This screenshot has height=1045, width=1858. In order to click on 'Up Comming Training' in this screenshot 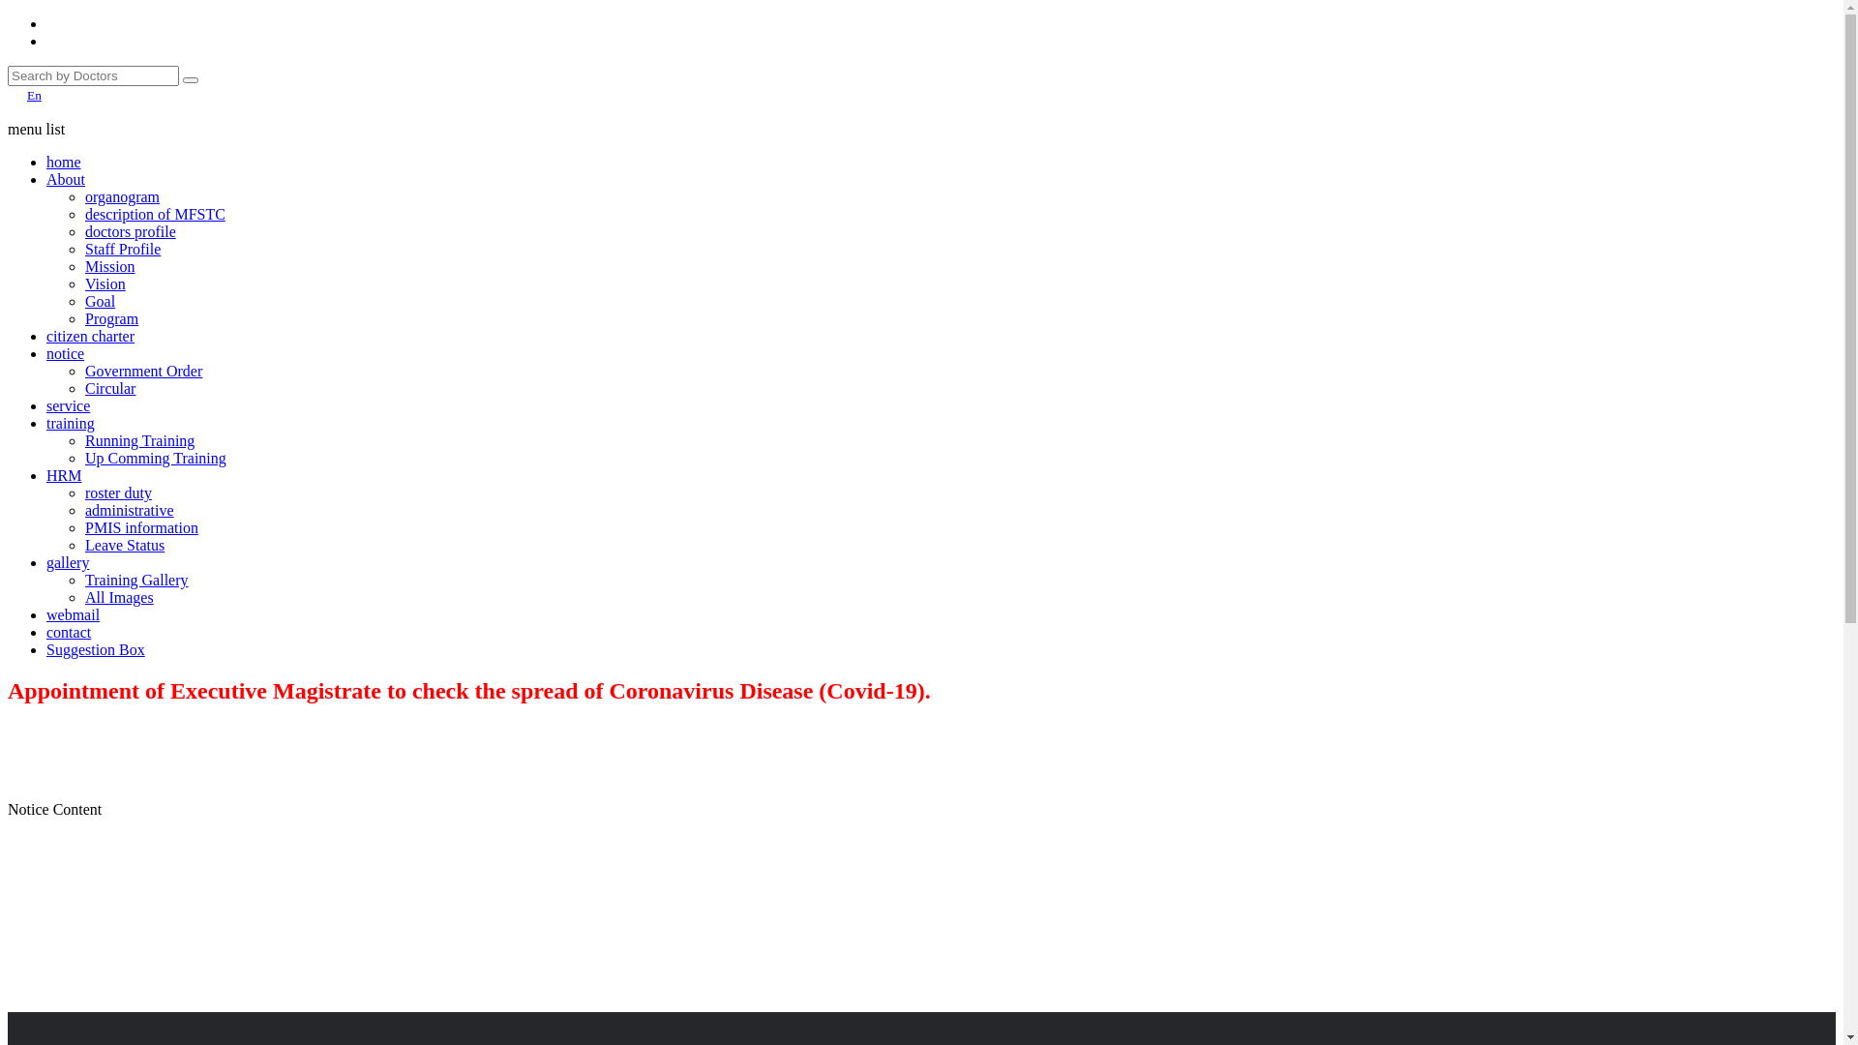, I will do `click(156, 458)`.